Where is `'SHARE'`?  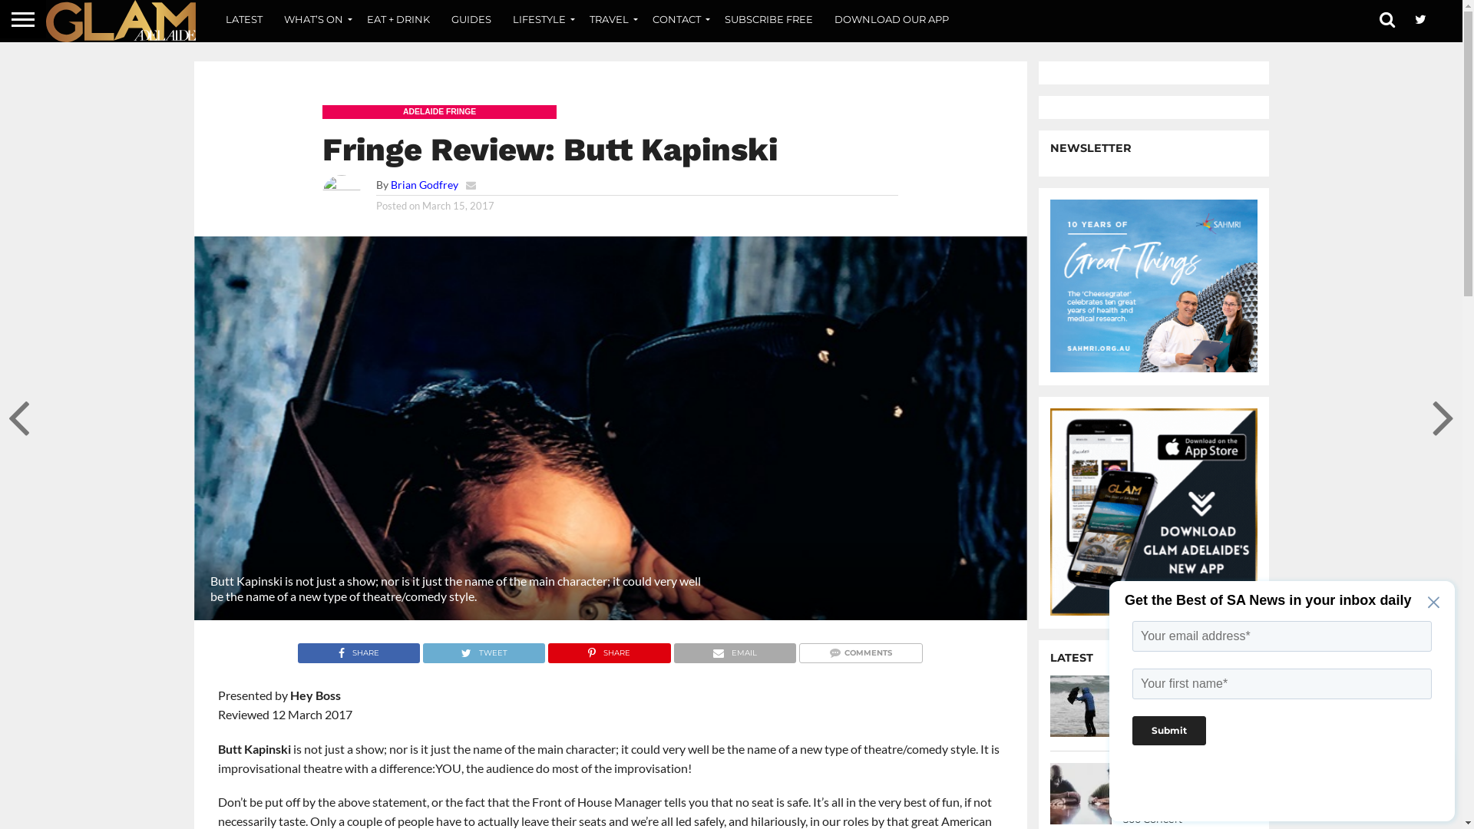 'SHARE' is located at coordinates (358, 649).